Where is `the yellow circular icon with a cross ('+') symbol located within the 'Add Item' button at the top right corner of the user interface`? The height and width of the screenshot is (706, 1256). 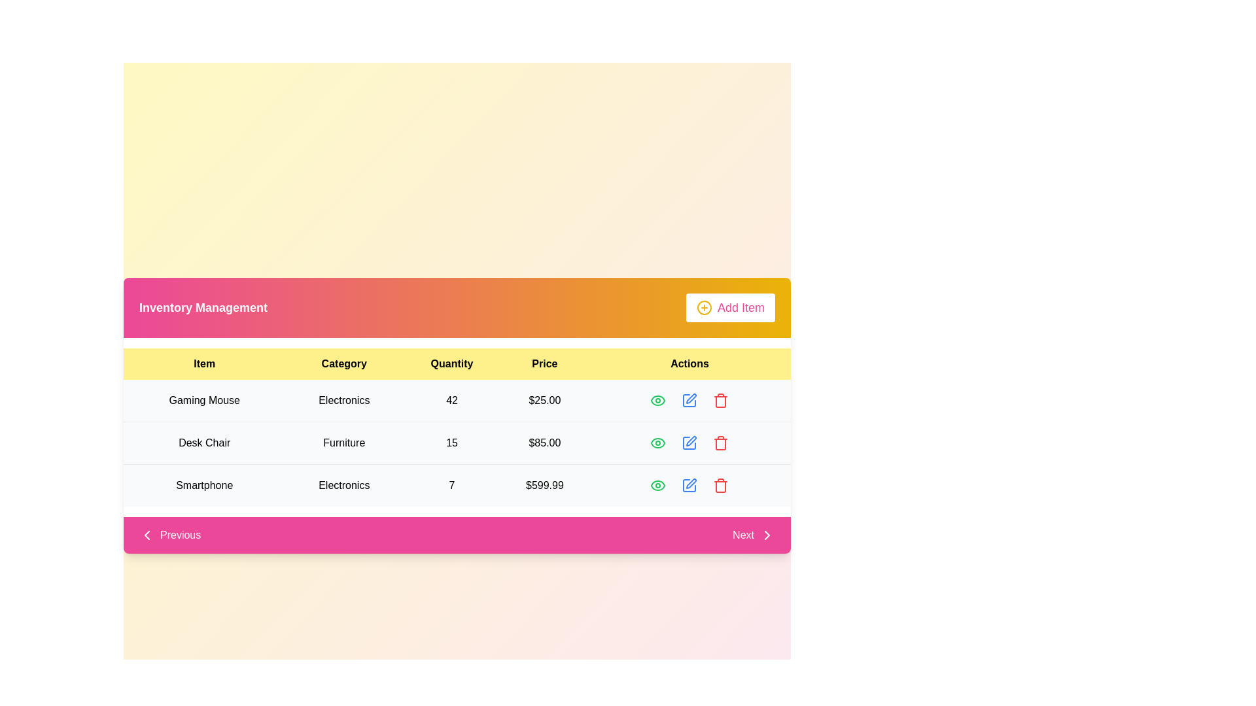 the yellow circular icon with a cross ('+') symbol located within the 'Add Item' button at the top right corner of the user interface is located at coordinates (703, 307).